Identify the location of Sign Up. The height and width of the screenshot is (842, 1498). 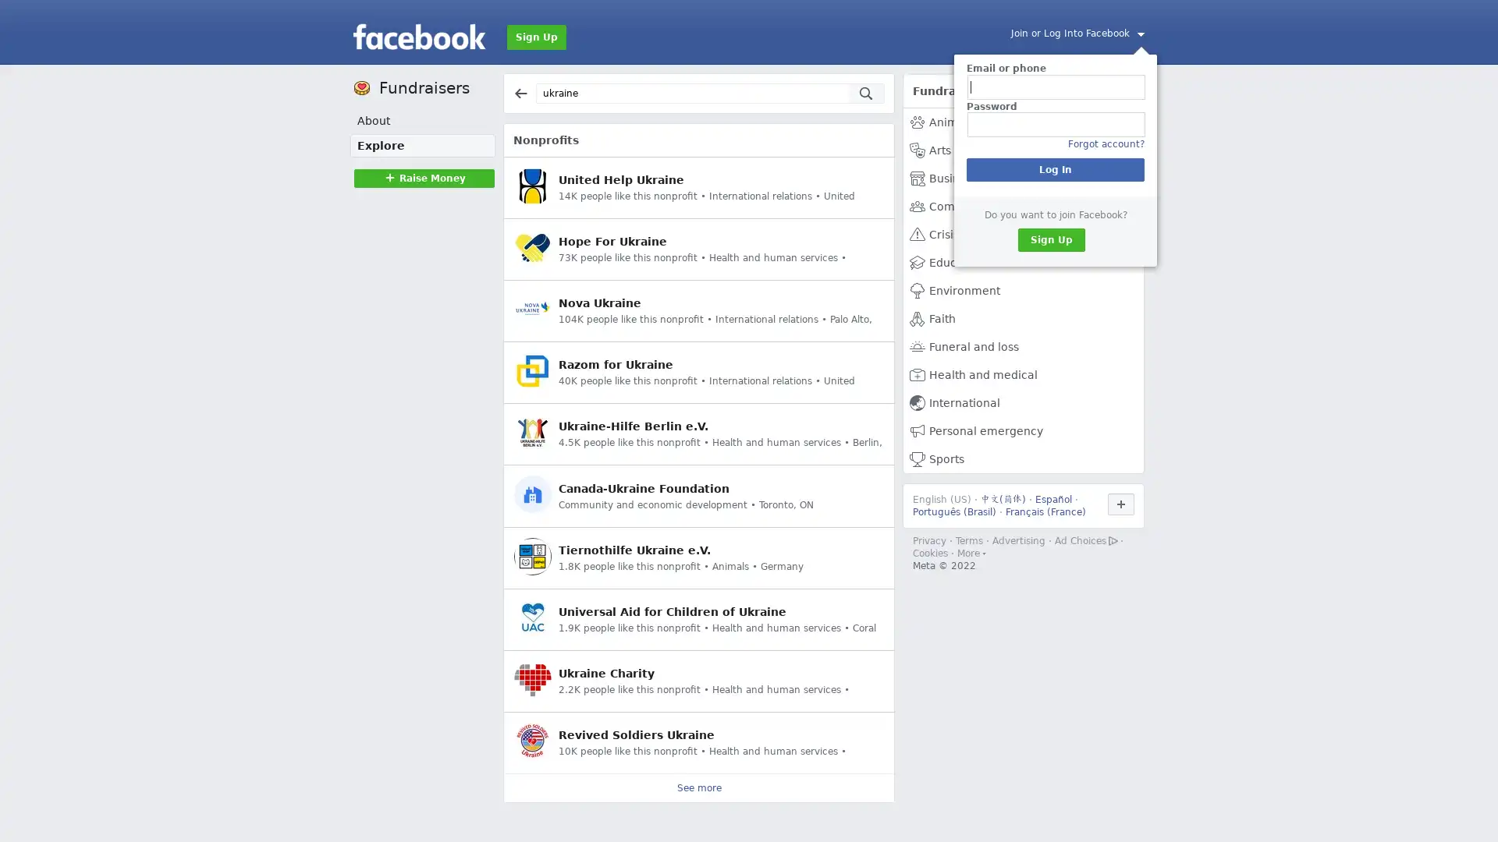
(536, 36).